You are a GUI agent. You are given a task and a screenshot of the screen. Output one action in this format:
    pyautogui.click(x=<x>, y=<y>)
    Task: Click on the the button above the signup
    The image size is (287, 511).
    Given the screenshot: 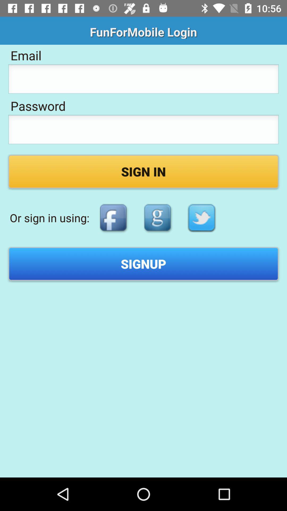 What is the action you would take?
    pyautogui.click(x=113, y=218)
    